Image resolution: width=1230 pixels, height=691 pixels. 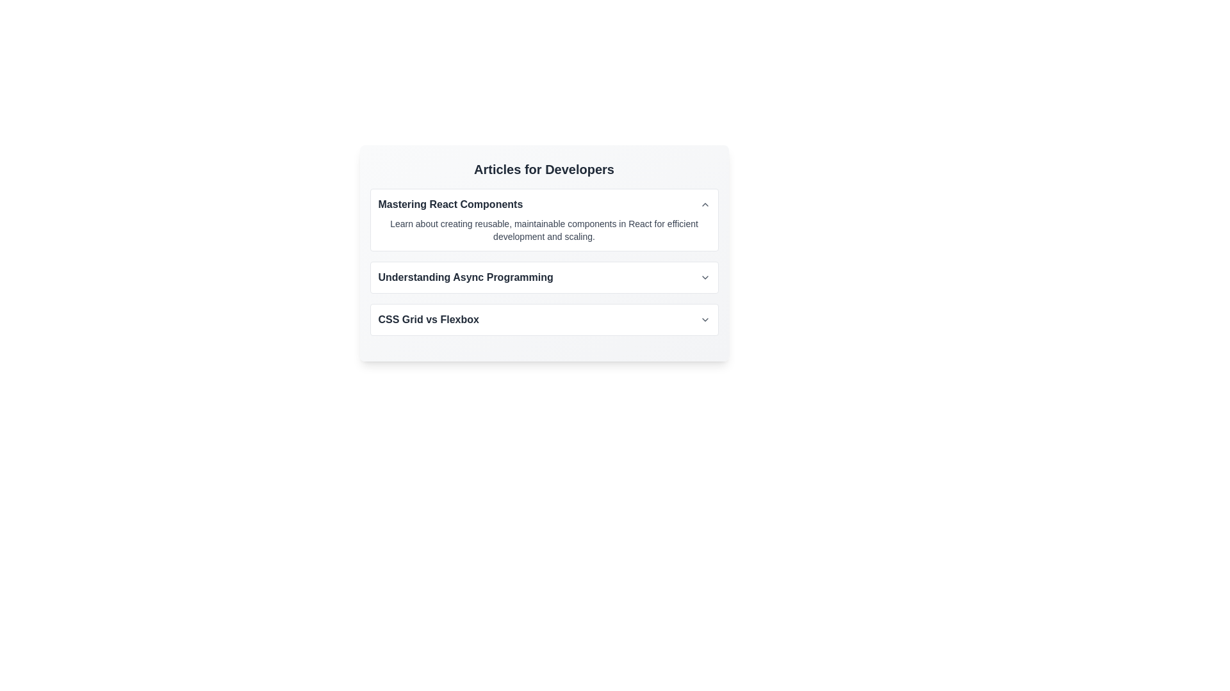 I want to click on the Collapsible Header titled 'Understanding Async Programming', so click(x=544, y=277).